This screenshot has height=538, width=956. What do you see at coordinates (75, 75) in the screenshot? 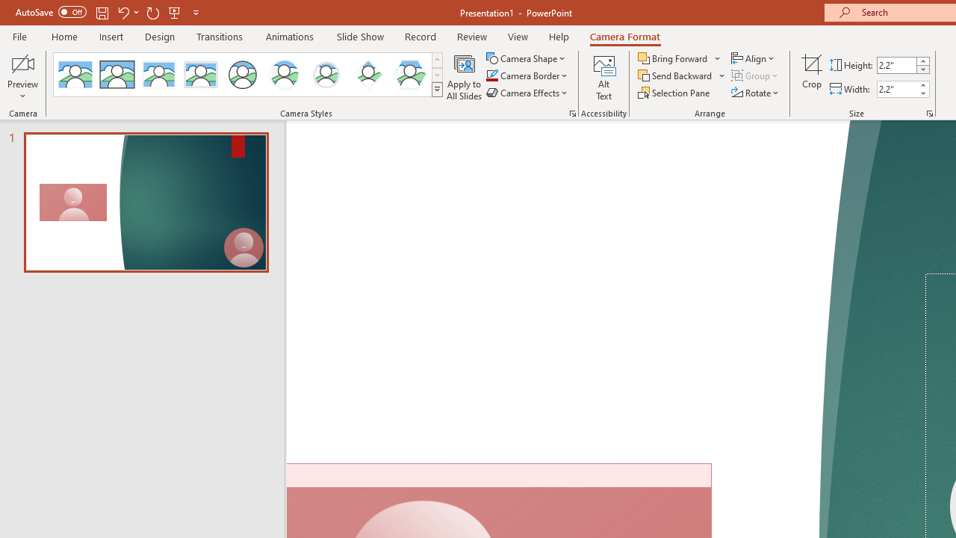
I see `'No Style'` at bounding box center [75, 75].